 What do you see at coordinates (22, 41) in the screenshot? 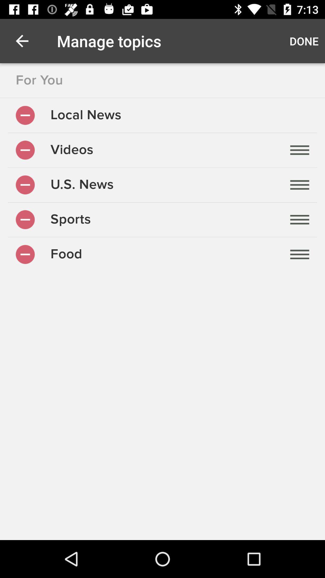
I see `item above for you item` at bounding box center [22, 41].